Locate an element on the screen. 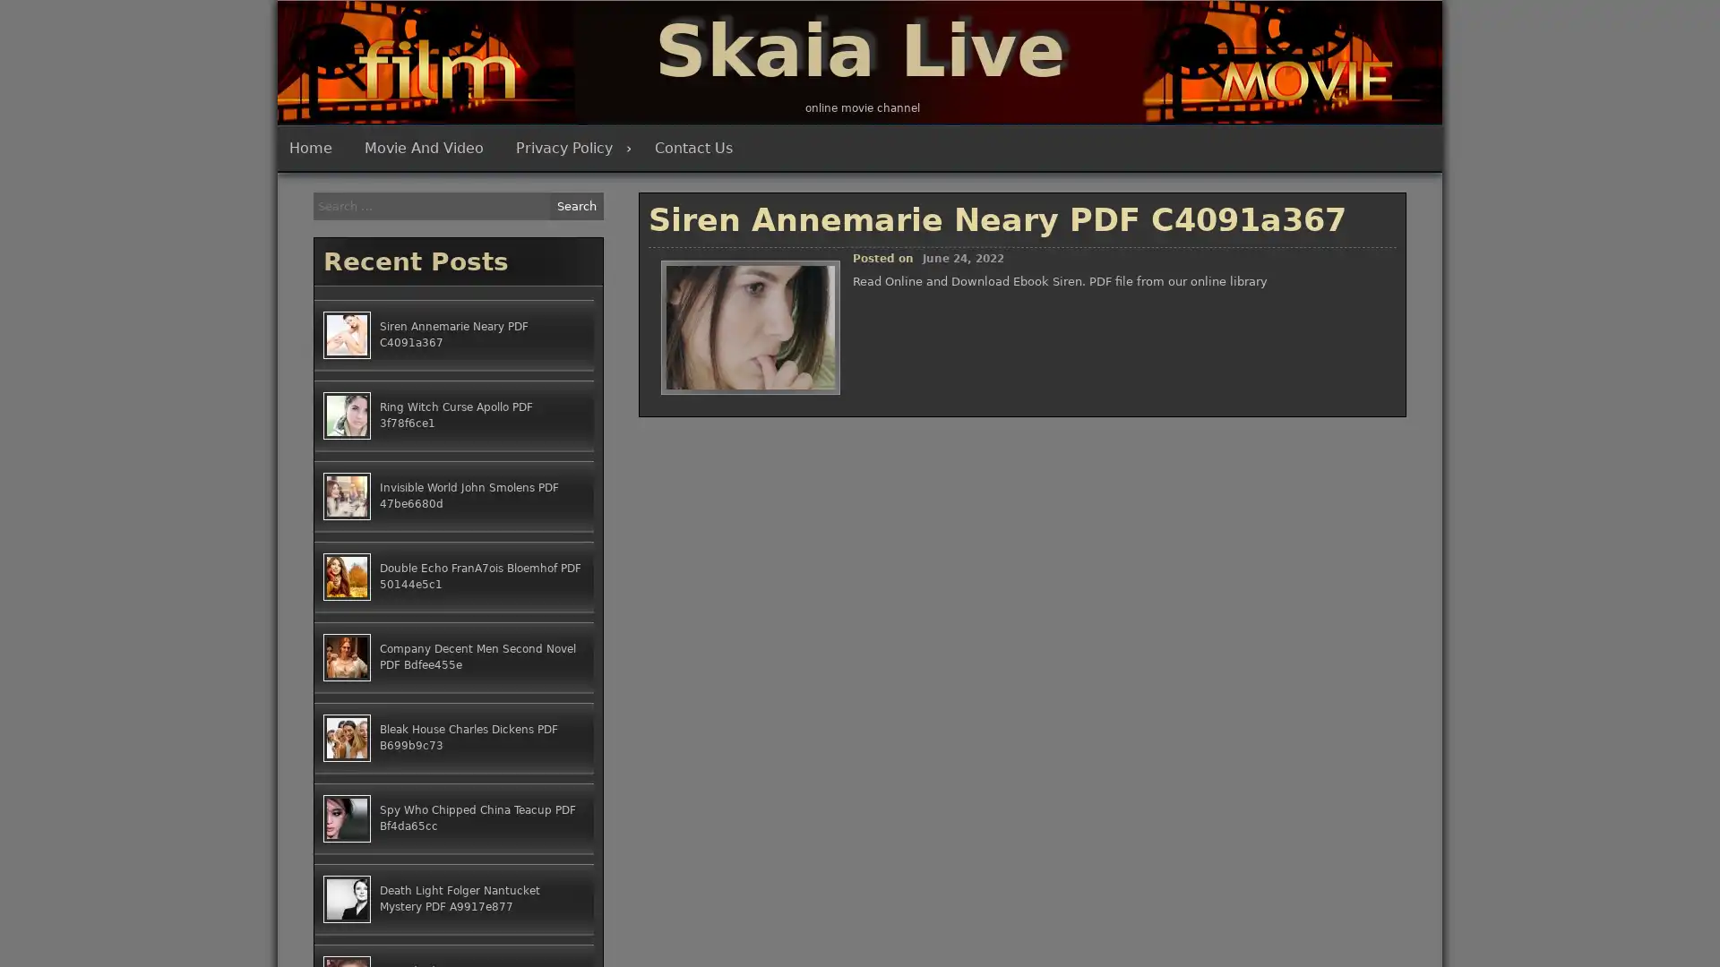 The width and height of the screenshot is (1720, 967). Search is located at coordinates (576, 205).